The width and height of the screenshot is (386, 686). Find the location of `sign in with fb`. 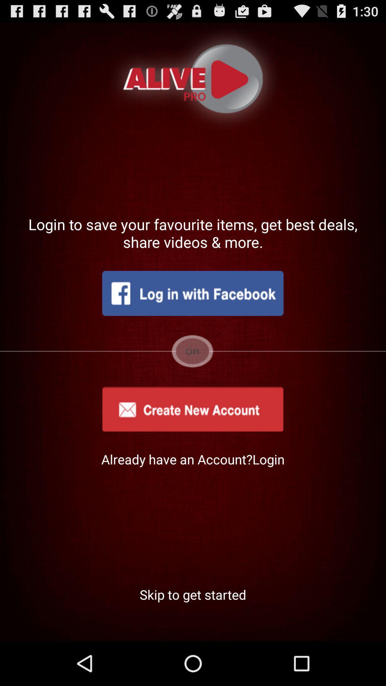

sign in with fb is located at coordinates (192, 293).